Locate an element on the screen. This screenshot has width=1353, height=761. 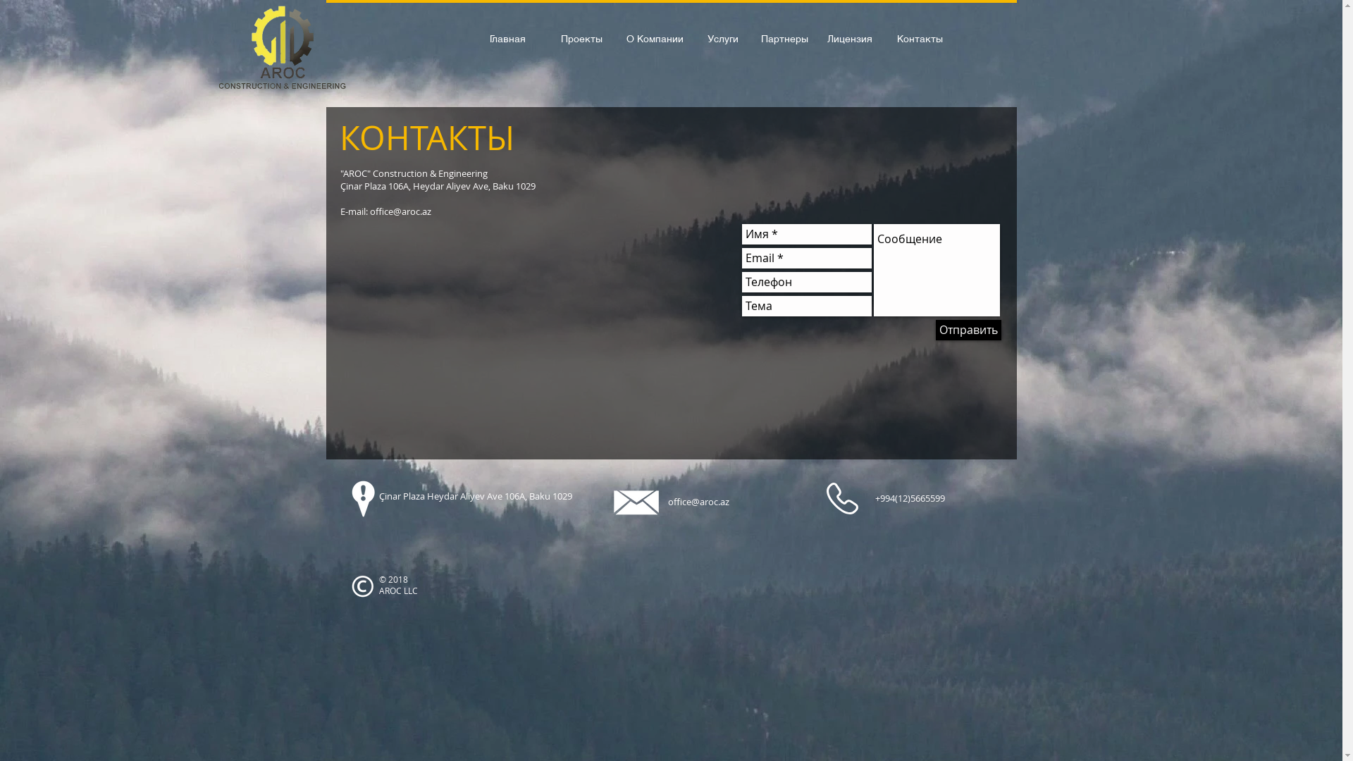
'office@aroc.az' is located at coordinates (399, 211).